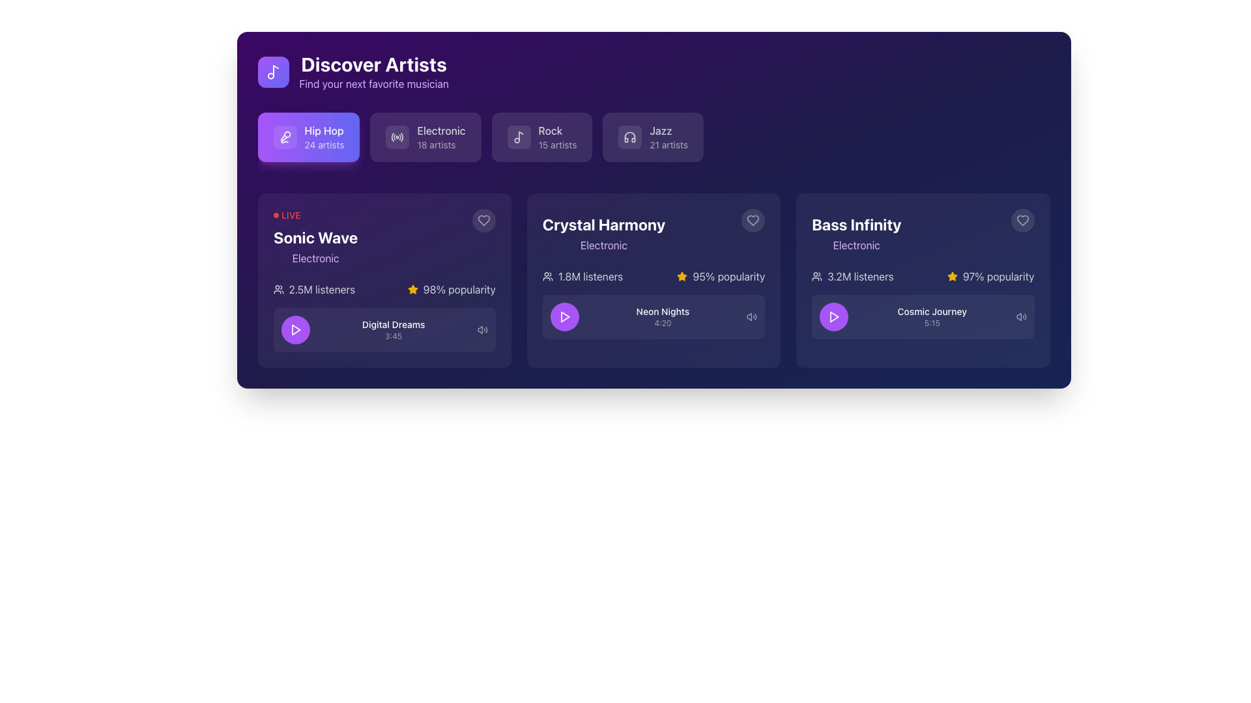 The height and width of the screenshot is (703, 1251). I want to click on the 'Hip Hop' text label, which is styled in bold white font against a purple background, located in the top left of the interface within the music genre categories, so click(324, 130).